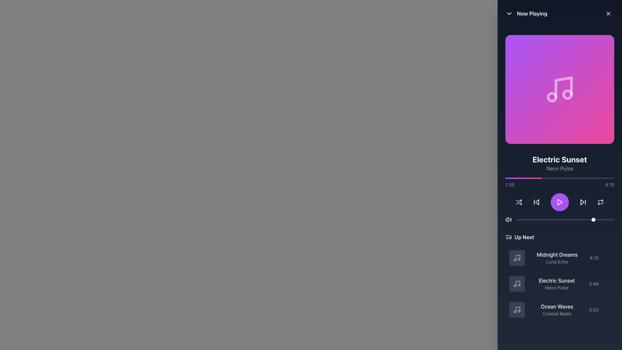  What do you see at coordinates (608, 14) in the screenshot?
I see `the close button located at the top-right corner of the 'Now Playing' section to observe the hover effect` at bounding box center [608, 14].